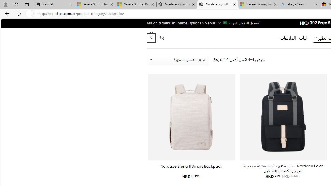  What do you see at coordinates (181, 23) in the screenshot?
I see `'Assign a menu in Theme Options > Menus'` at bounding box center [181, 23].